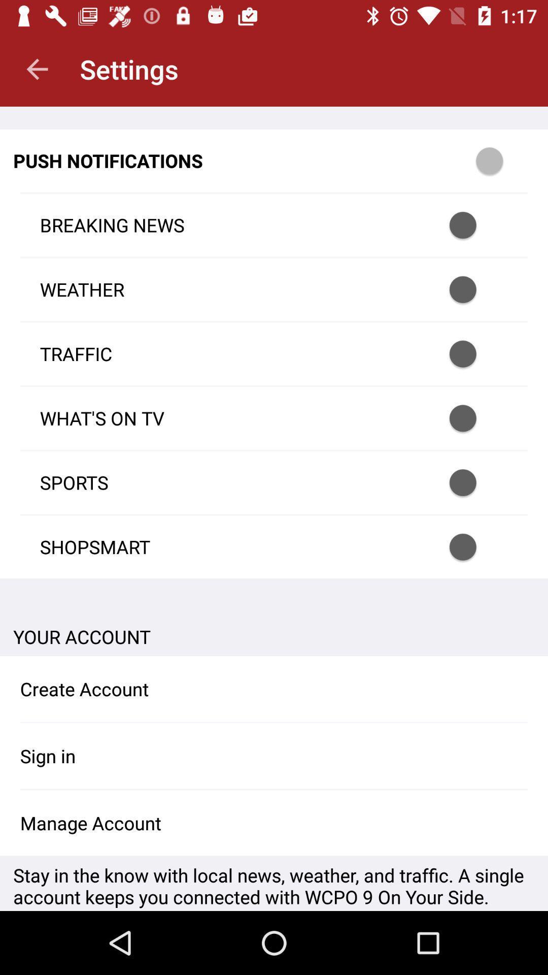 The image size is (548, 975). What do you see at coordinates (37, 69) in the screenshot?
I see `item to the left of settings icon` at bounding box center [37, 69].